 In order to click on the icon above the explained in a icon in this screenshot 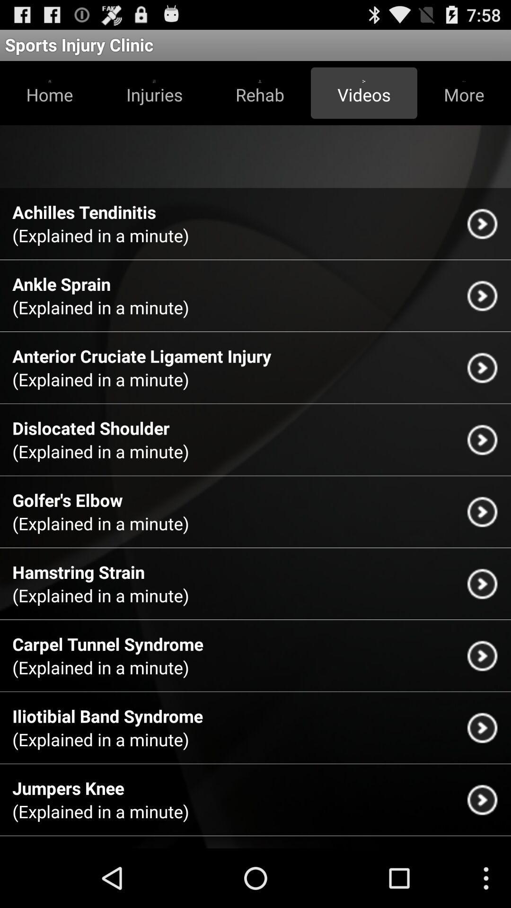, I will do `click(91, 428)`.